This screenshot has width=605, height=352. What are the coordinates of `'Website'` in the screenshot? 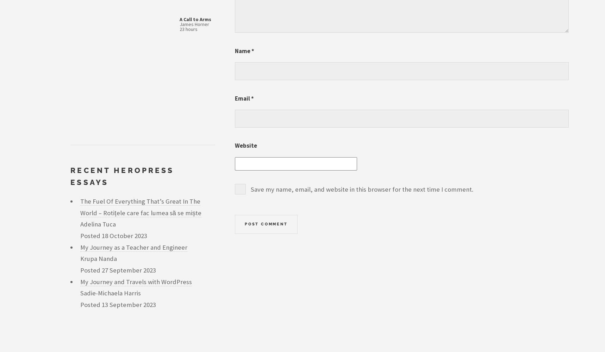 It's located at (245, 145).